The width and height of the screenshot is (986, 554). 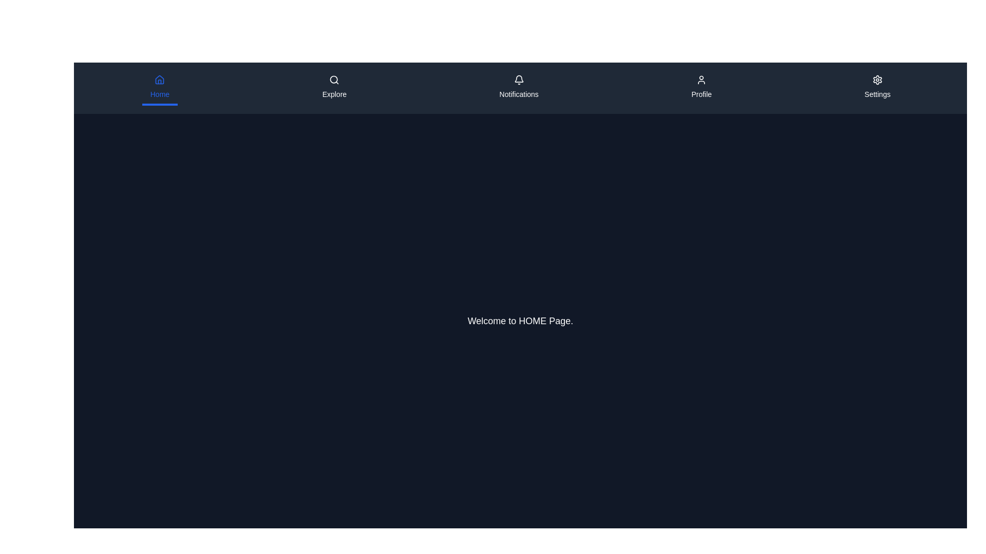 What do you see at coordinates (701, 94) in the screenshot?
I see `text label that says 'Profile', located in the navigation bar at the top of the page, positioned beneath the user profile icon` at bounding box center [701, 94].